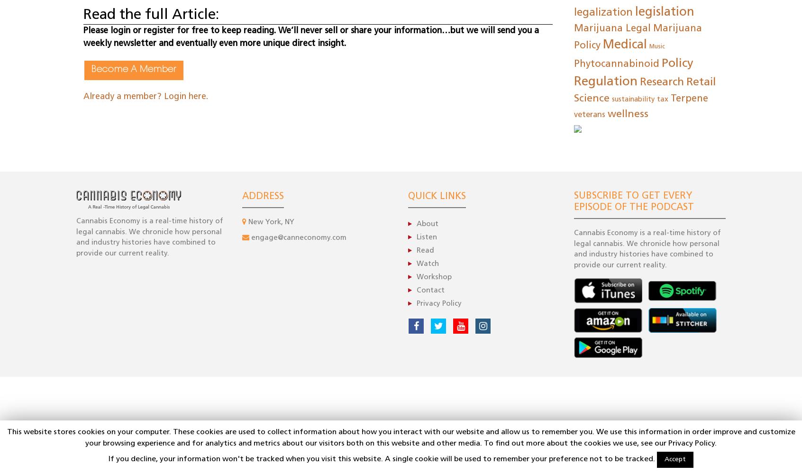 The height and width of the screenshot is (474, 802). Describe the element at coordinates (246, 222) in the screenshot. I see `'New York, NY'` at that location.